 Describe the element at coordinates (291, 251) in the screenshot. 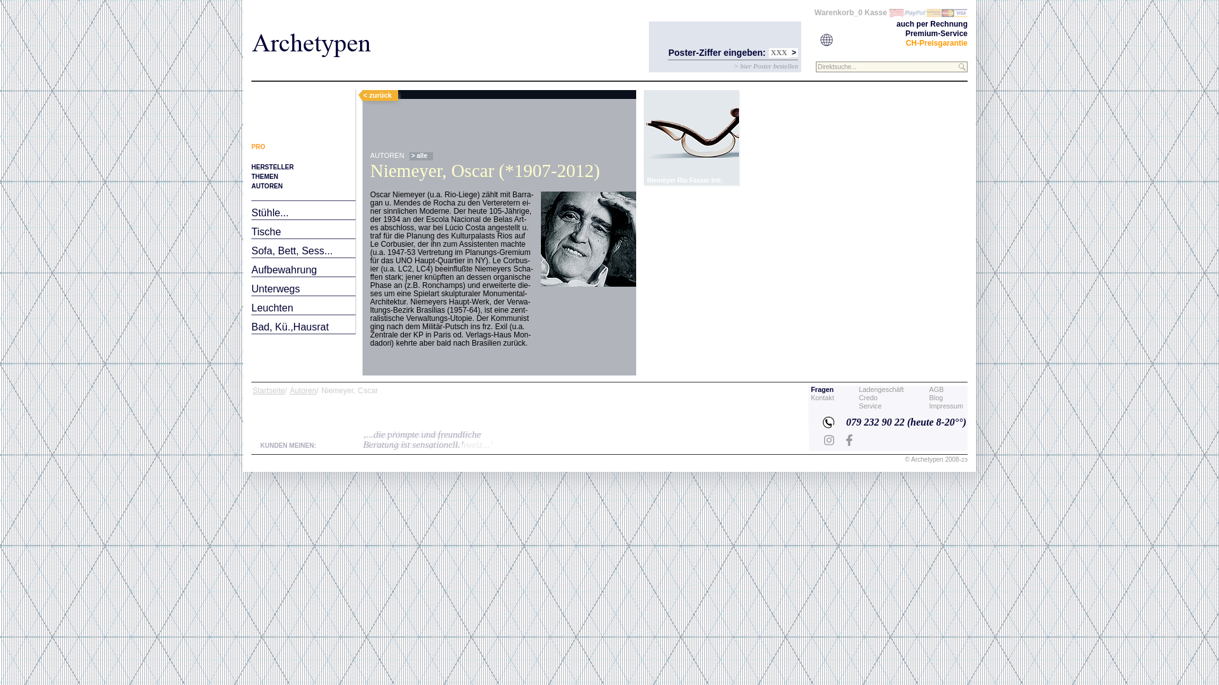

I see `'Sofa, Bett, Sess...'` at that location.